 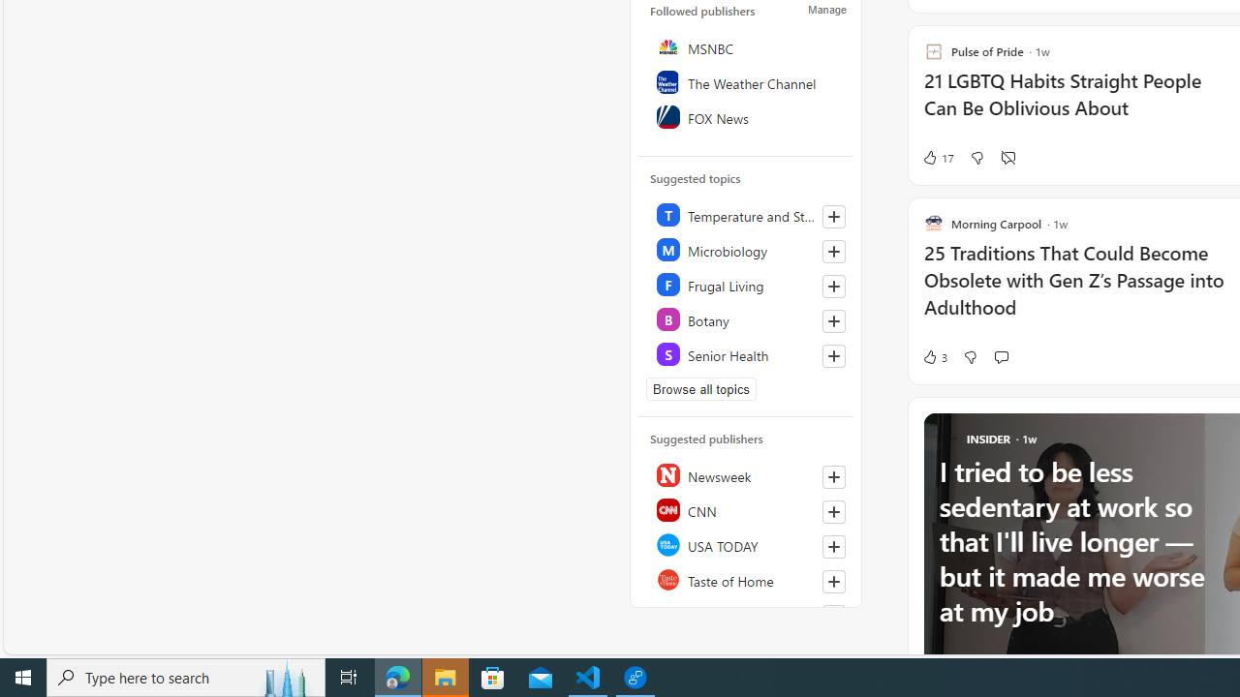 I want to click on 'Browse all topics', so click(x=700, y=389).